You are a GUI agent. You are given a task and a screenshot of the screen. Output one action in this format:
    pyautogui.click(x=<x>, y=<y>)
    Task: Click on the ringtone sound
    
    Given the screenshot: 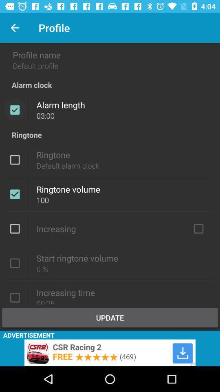 What is the action you would take?
    pyautogui.click(x=15, y=159)
    